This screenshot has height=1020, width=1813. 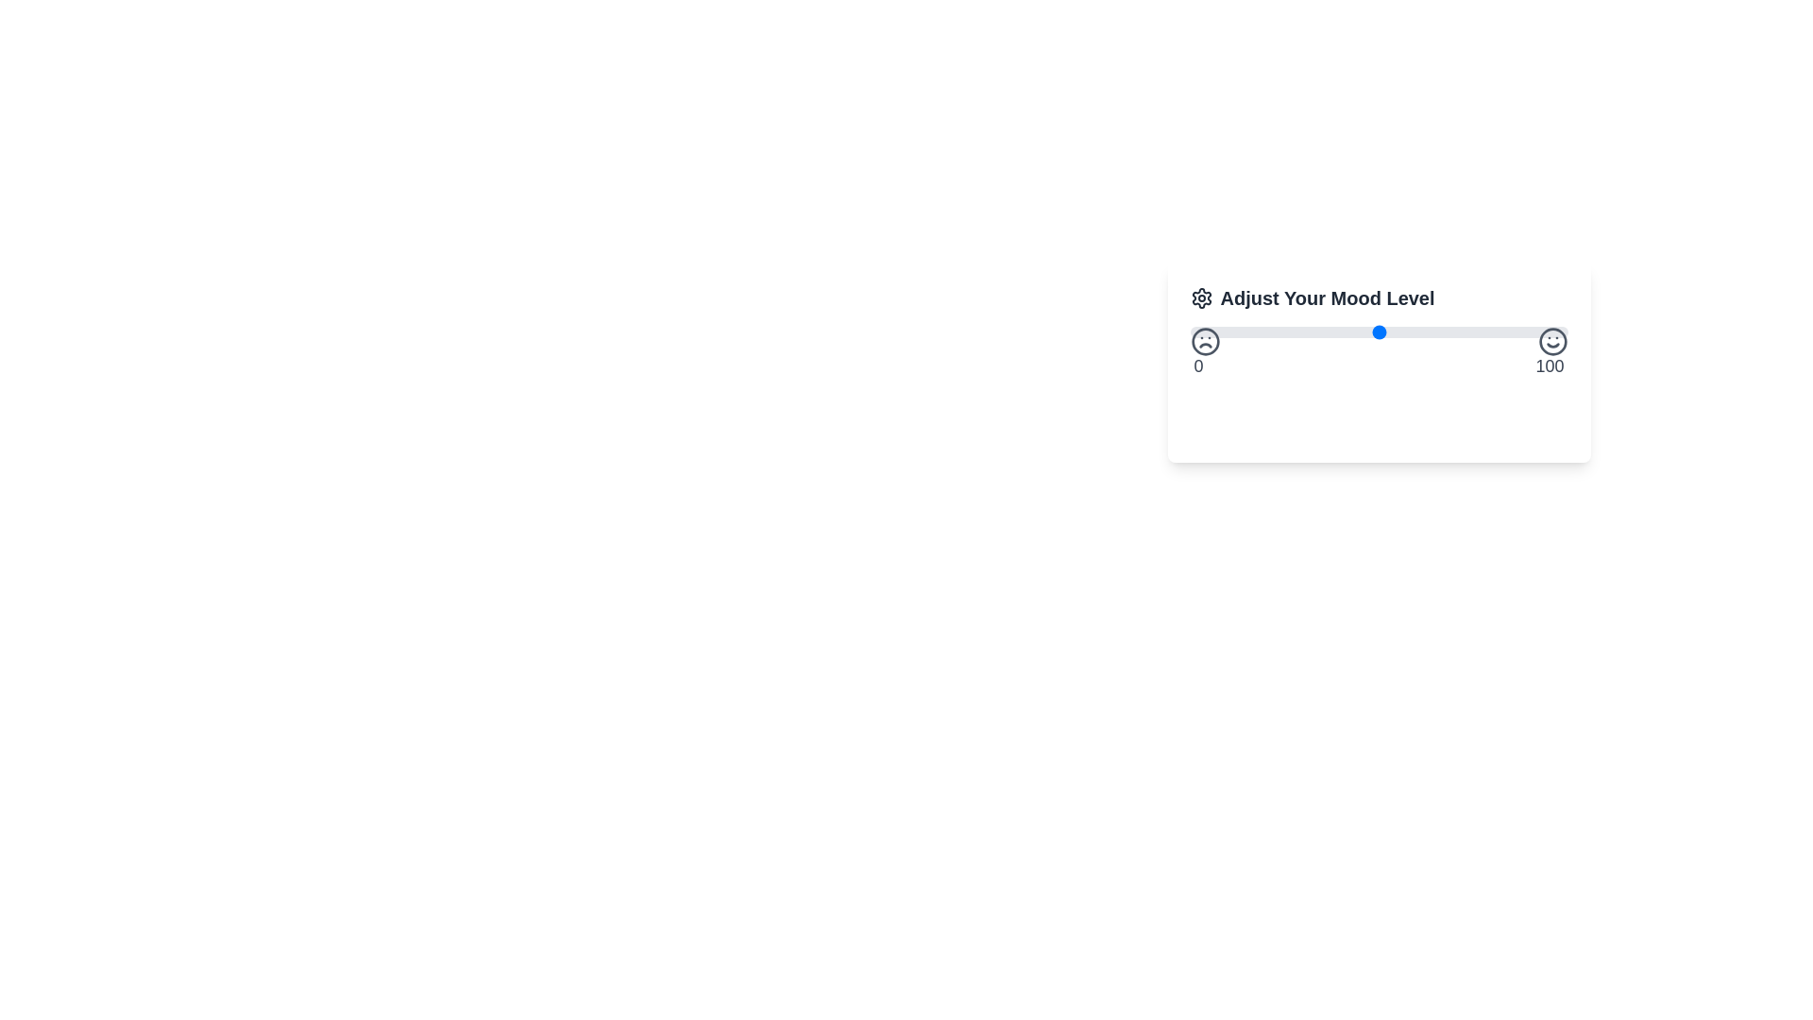 I want to click on mood level, so click(x=1435, y=331).